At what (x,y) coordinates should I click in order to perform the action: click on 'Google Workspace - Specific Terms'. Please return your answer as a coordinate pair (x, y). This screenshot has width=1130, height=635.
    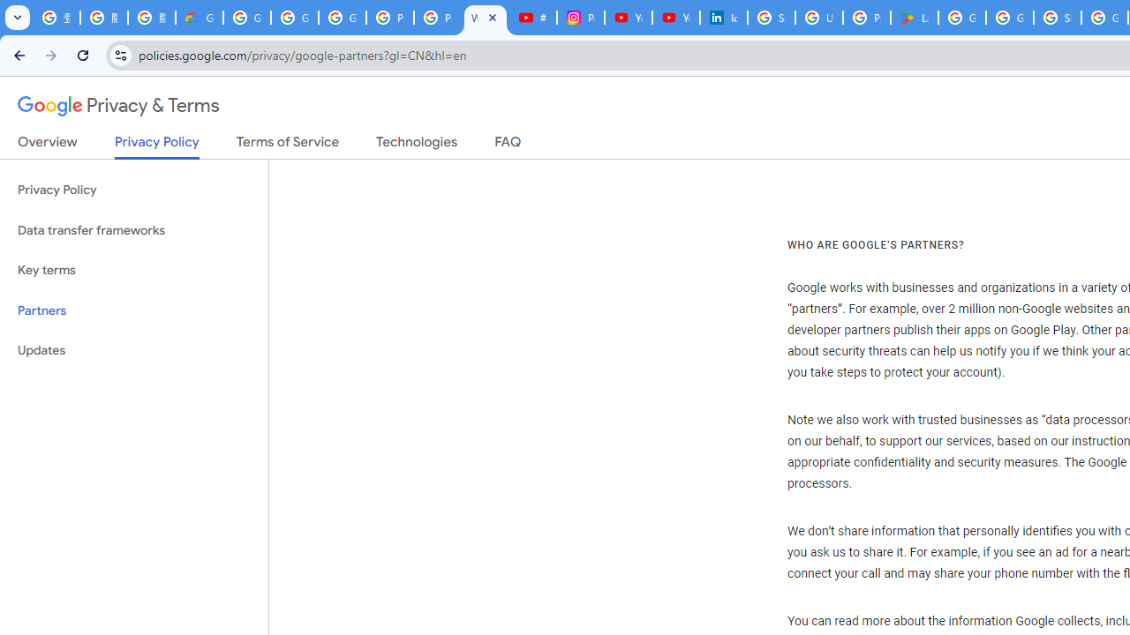
    Looking at the image, I should click on (1010, 18).